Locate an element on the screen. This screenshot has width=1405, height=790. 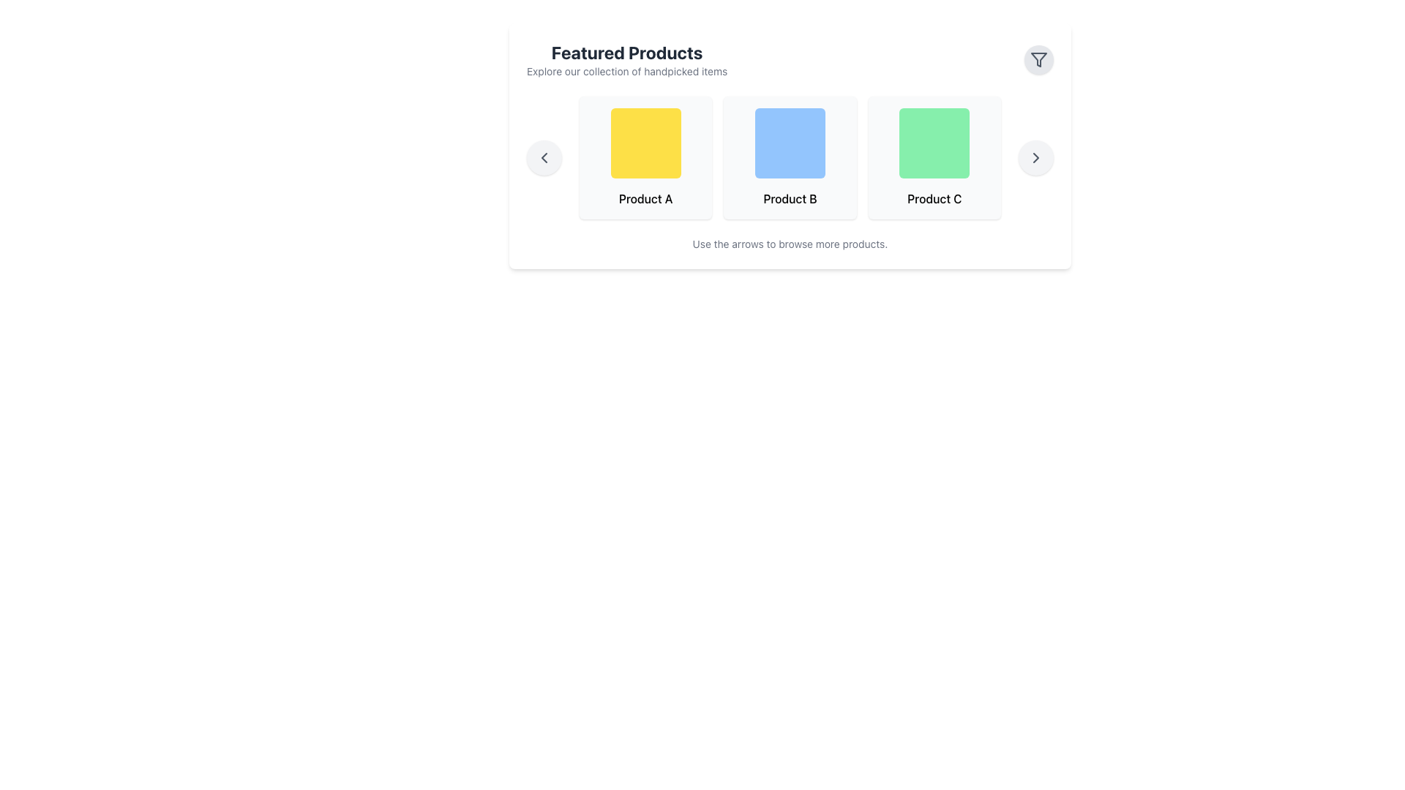
the navigation button located to the left of 'Product A', 'Product B', and 'Product C' is located at coordinates (544, 158).